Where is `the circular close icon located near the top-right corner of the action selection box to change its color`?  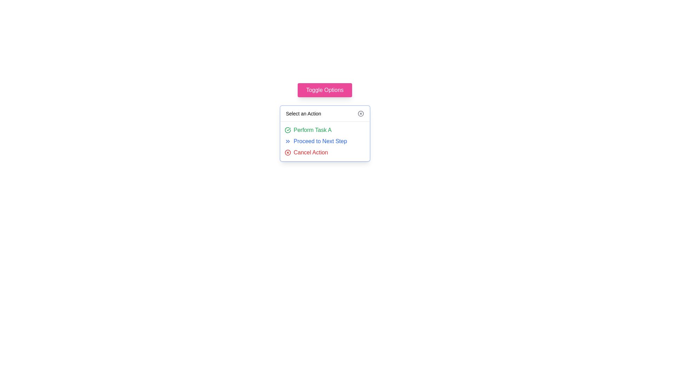 the circular close icon located near the top-right corner of the action selection box to change its color is located at coordinates (361, 113).